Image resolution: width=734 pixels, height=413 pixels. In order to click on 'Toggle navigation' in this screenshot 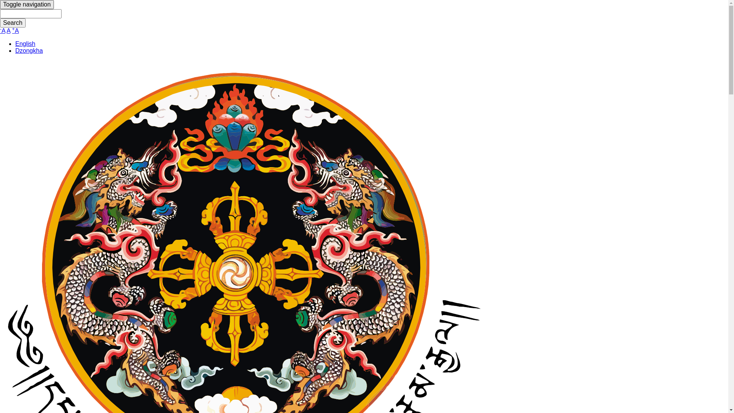, I will do `click(27, 4)`.